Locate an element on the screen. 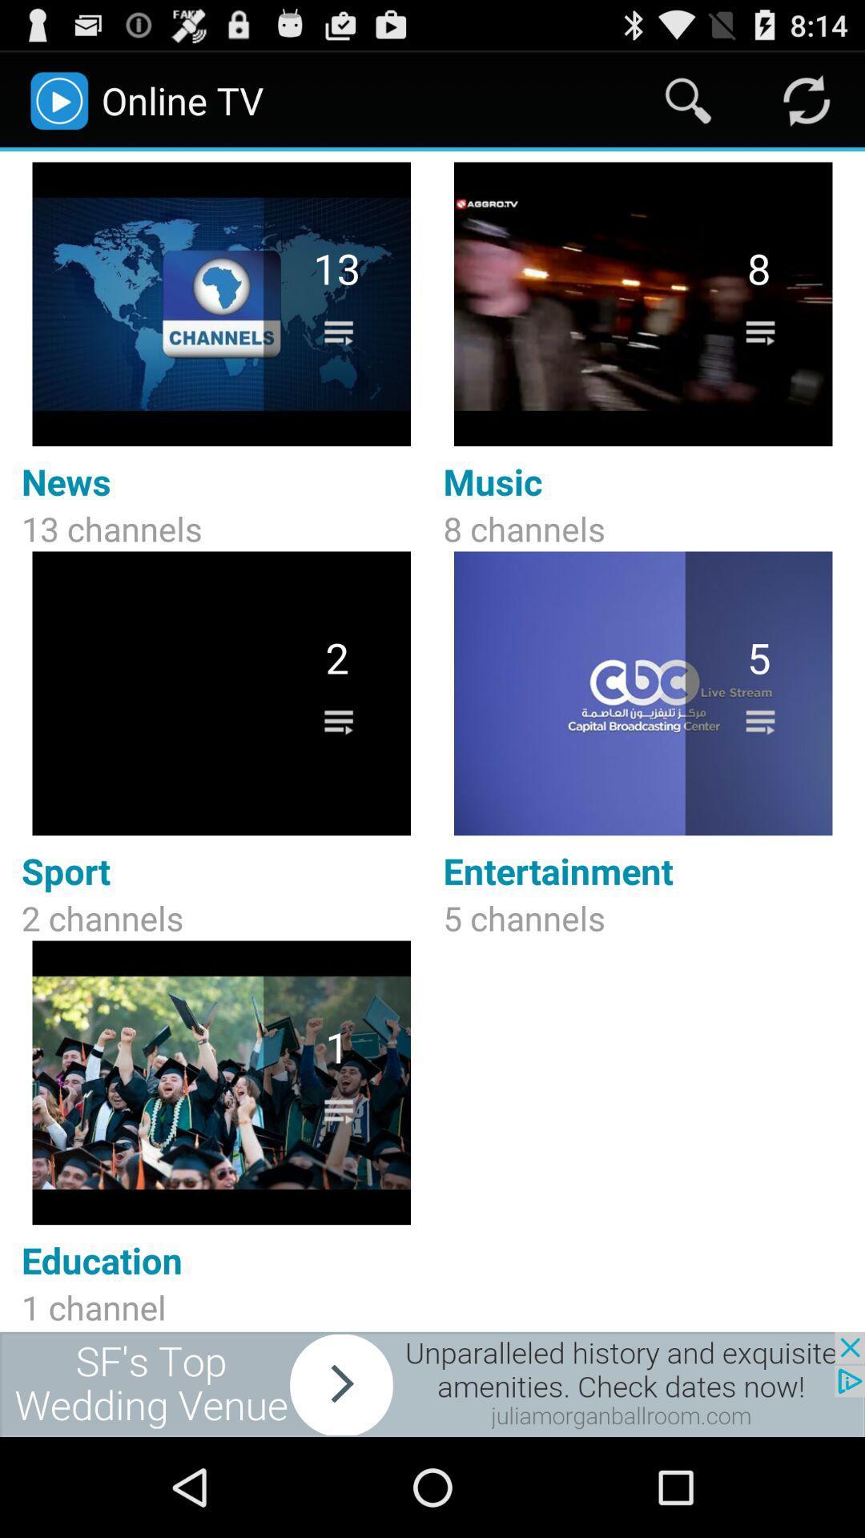  search botten is located at coordinates (687, 99).